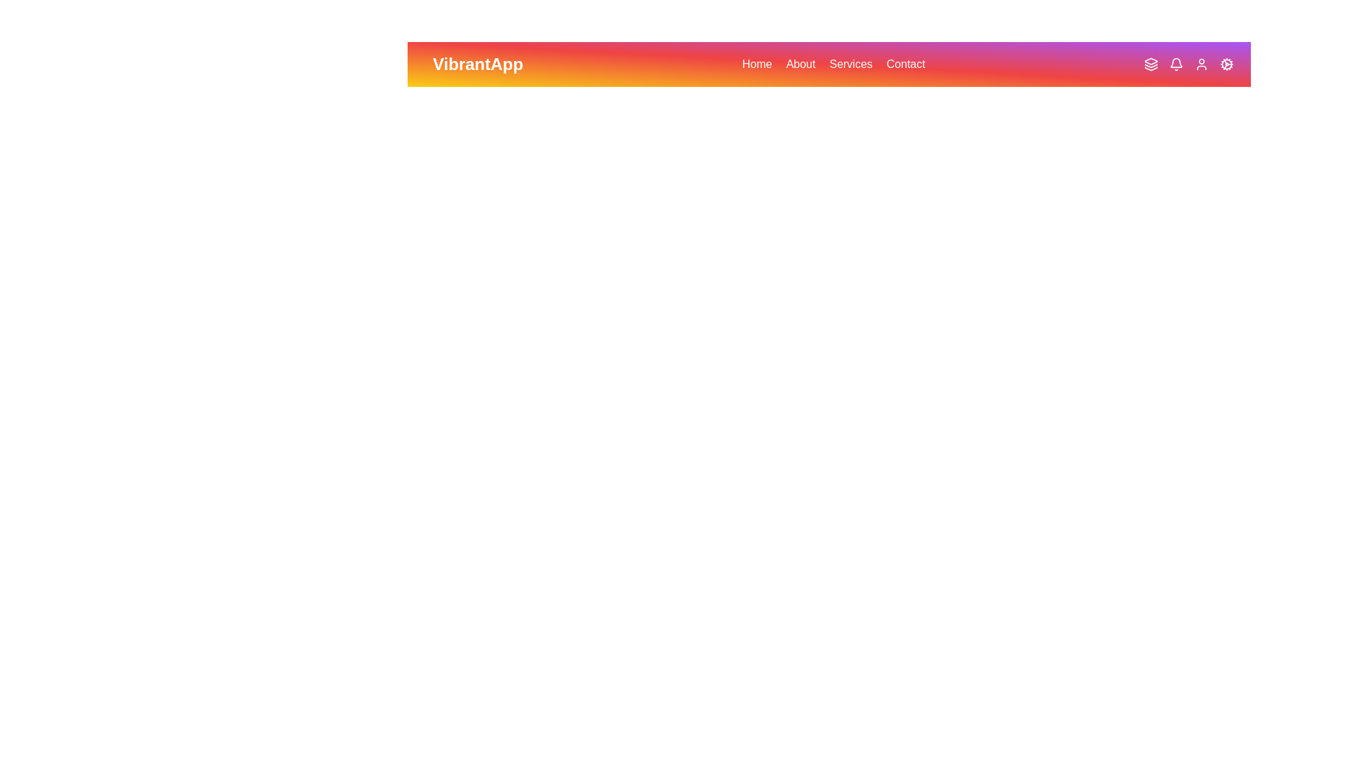 The height and width of the screenshot is (757, 1347). I want to click on the link labeled Services to trigger its hover effect, so click(850, 64).